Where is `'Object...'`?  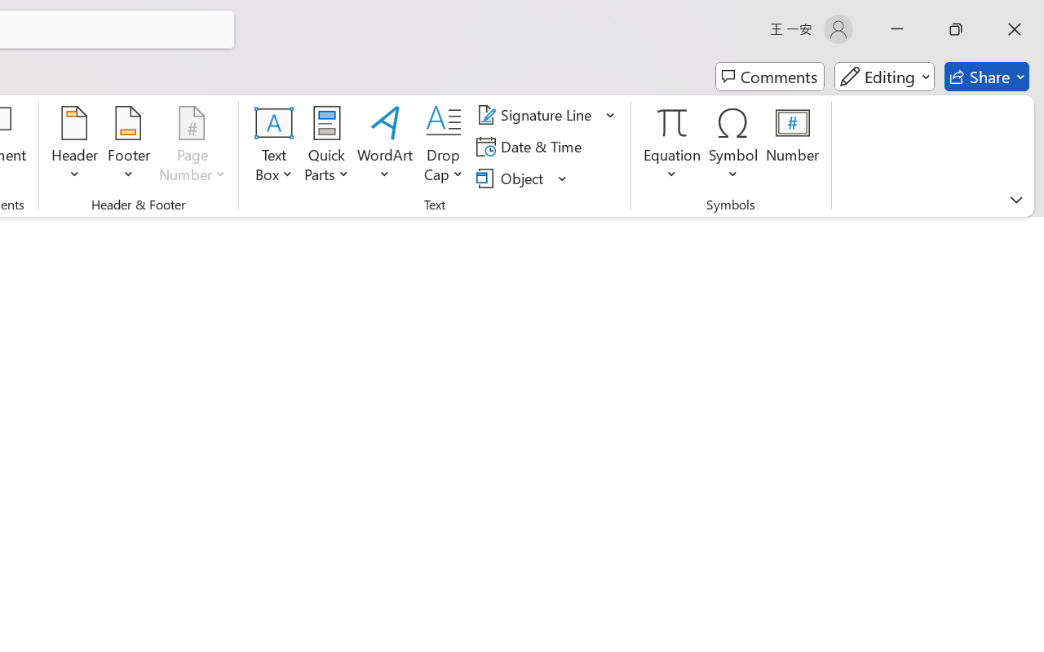
'Object...' is located at coordinates (522, 178).